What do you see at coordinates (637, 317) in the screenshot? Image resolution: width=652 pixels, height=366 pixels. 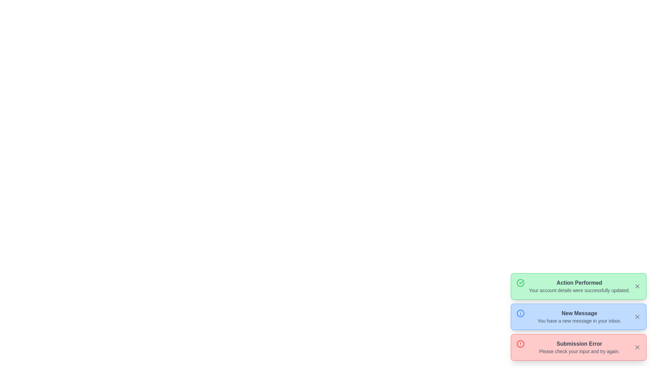 I see `the 'X' icon on the far-right side of the blue notification message` at bounding box center [637, 317].